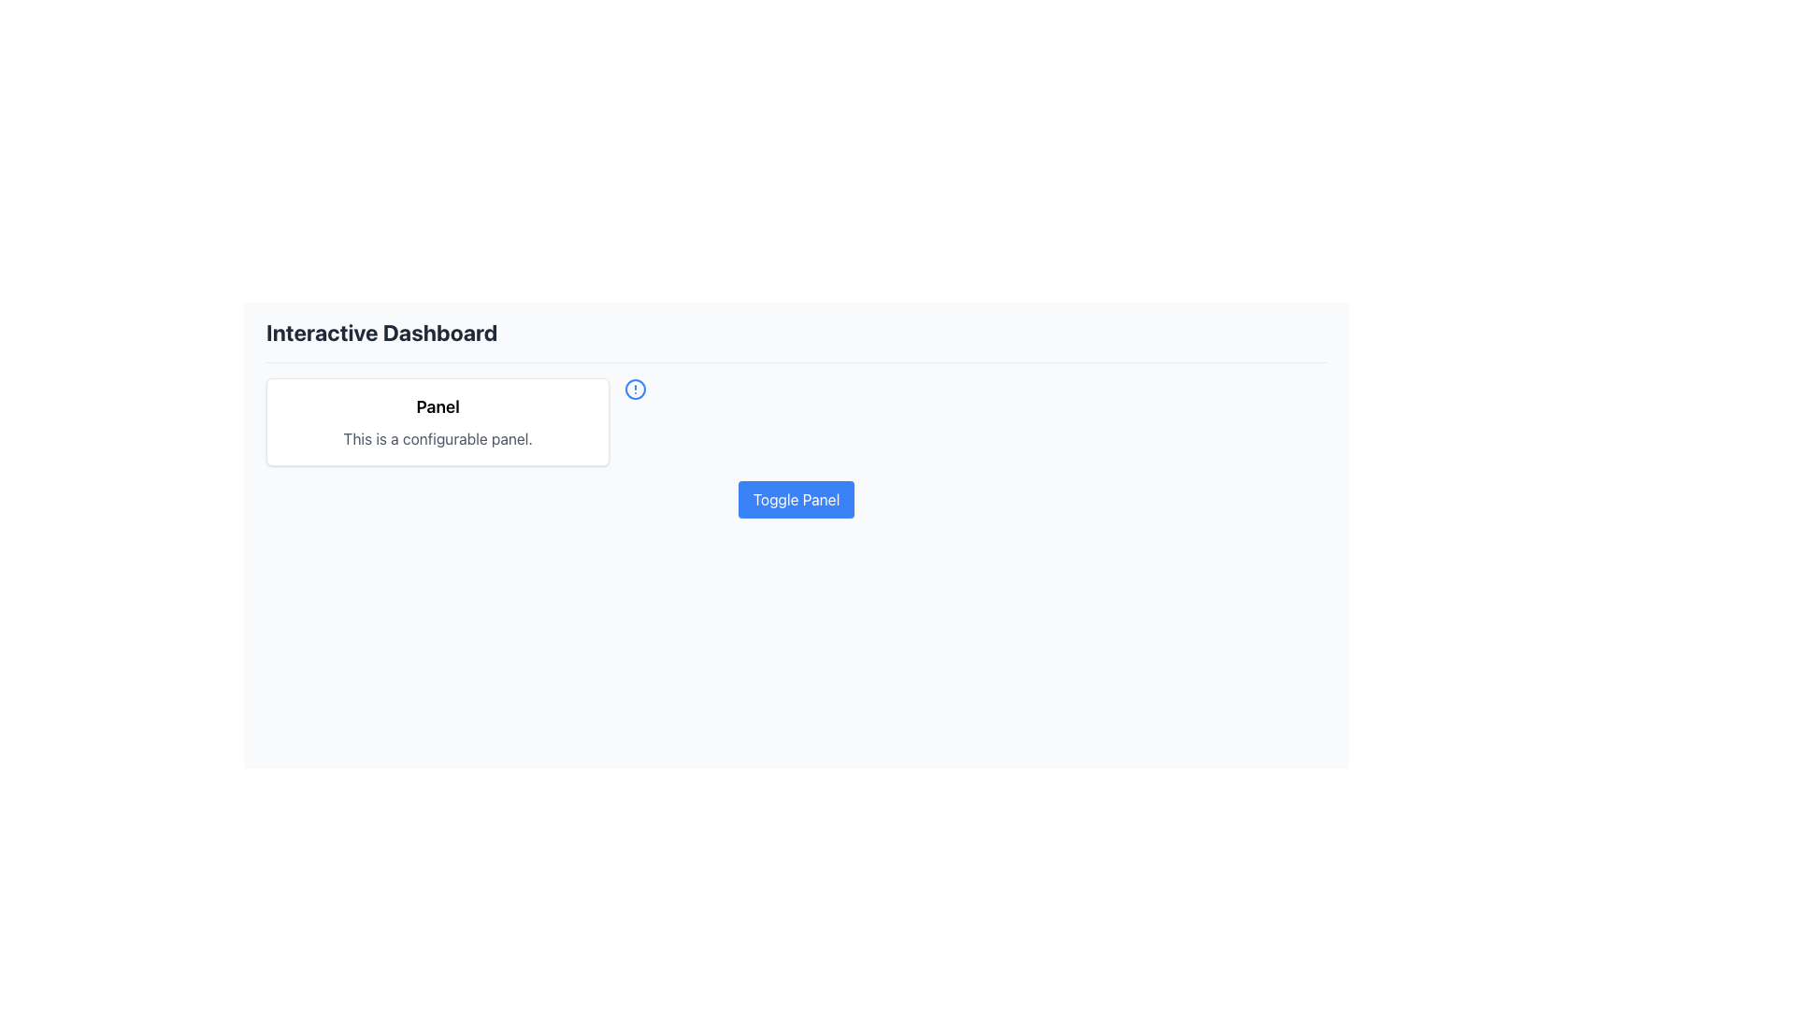 Image resolution: width=1795 pixels, height=1009 pixels. Describe the element at coordinates (796, 499) in the screenshot. I see `the toggle button located in the bottom-right section of the dashboard to change its color` at that location.